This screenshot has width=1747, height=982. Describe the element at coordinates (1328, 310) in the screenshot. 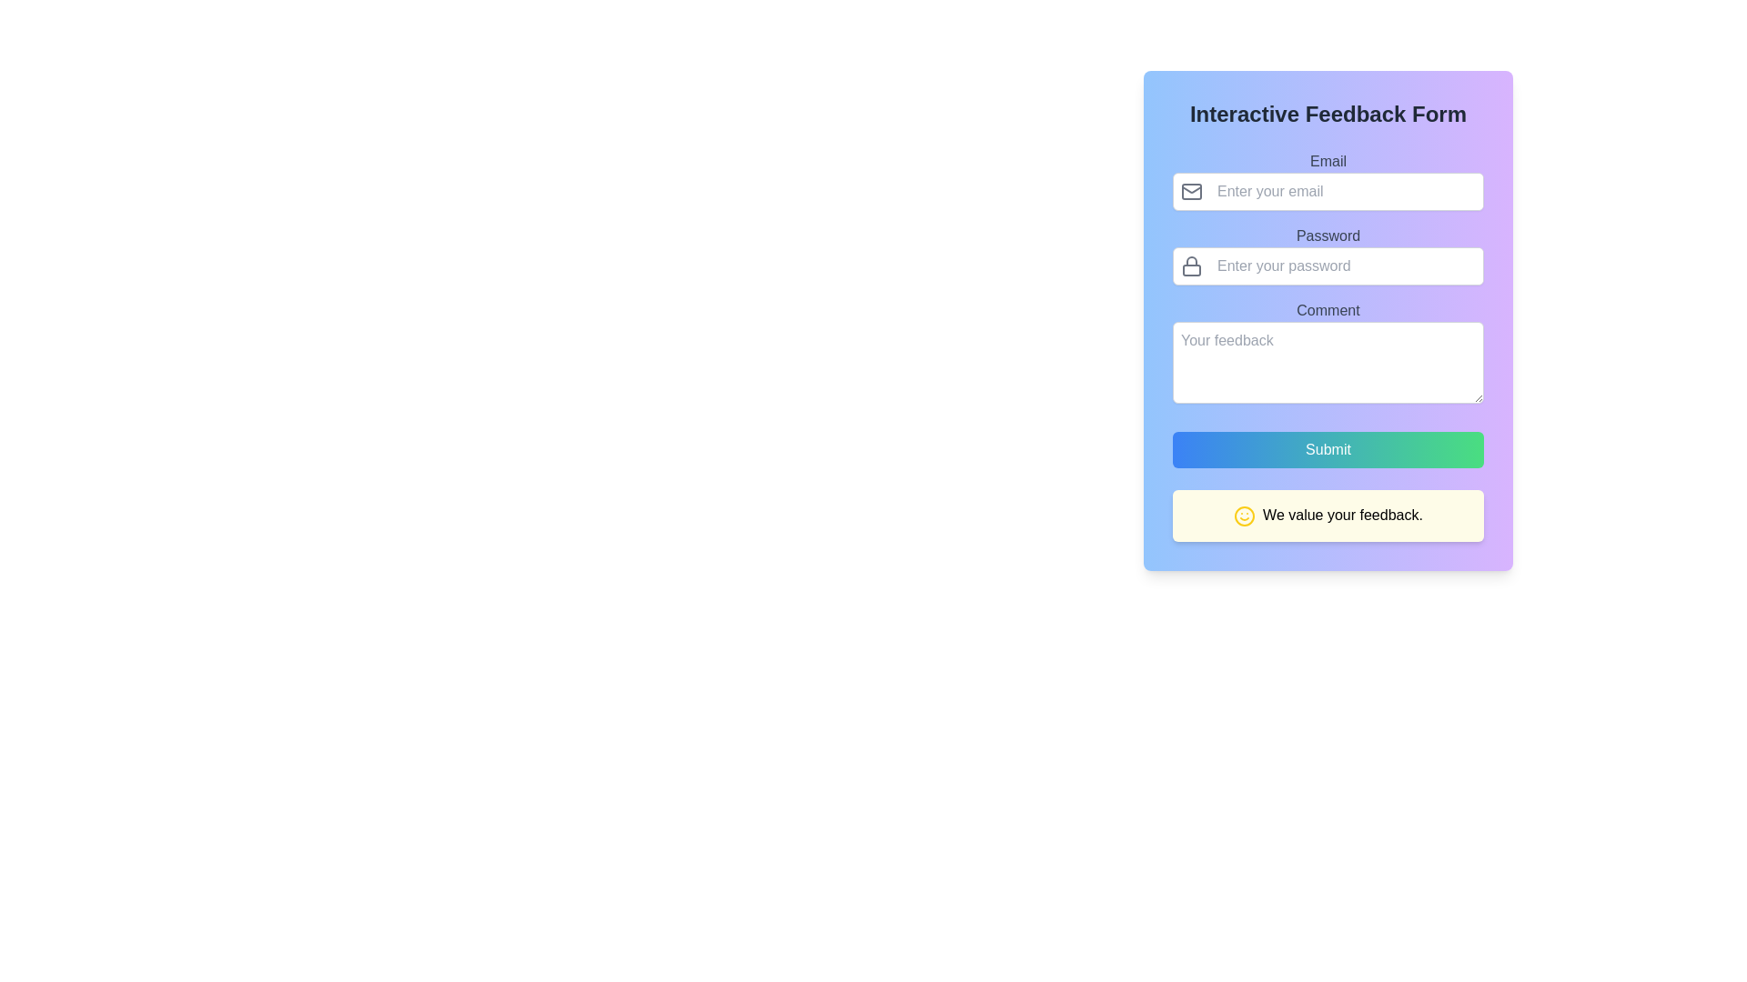

I see `the text label that describes the purpose of the 'Your feedback' input field, located in the upper half of the form, directly above it` at that location.